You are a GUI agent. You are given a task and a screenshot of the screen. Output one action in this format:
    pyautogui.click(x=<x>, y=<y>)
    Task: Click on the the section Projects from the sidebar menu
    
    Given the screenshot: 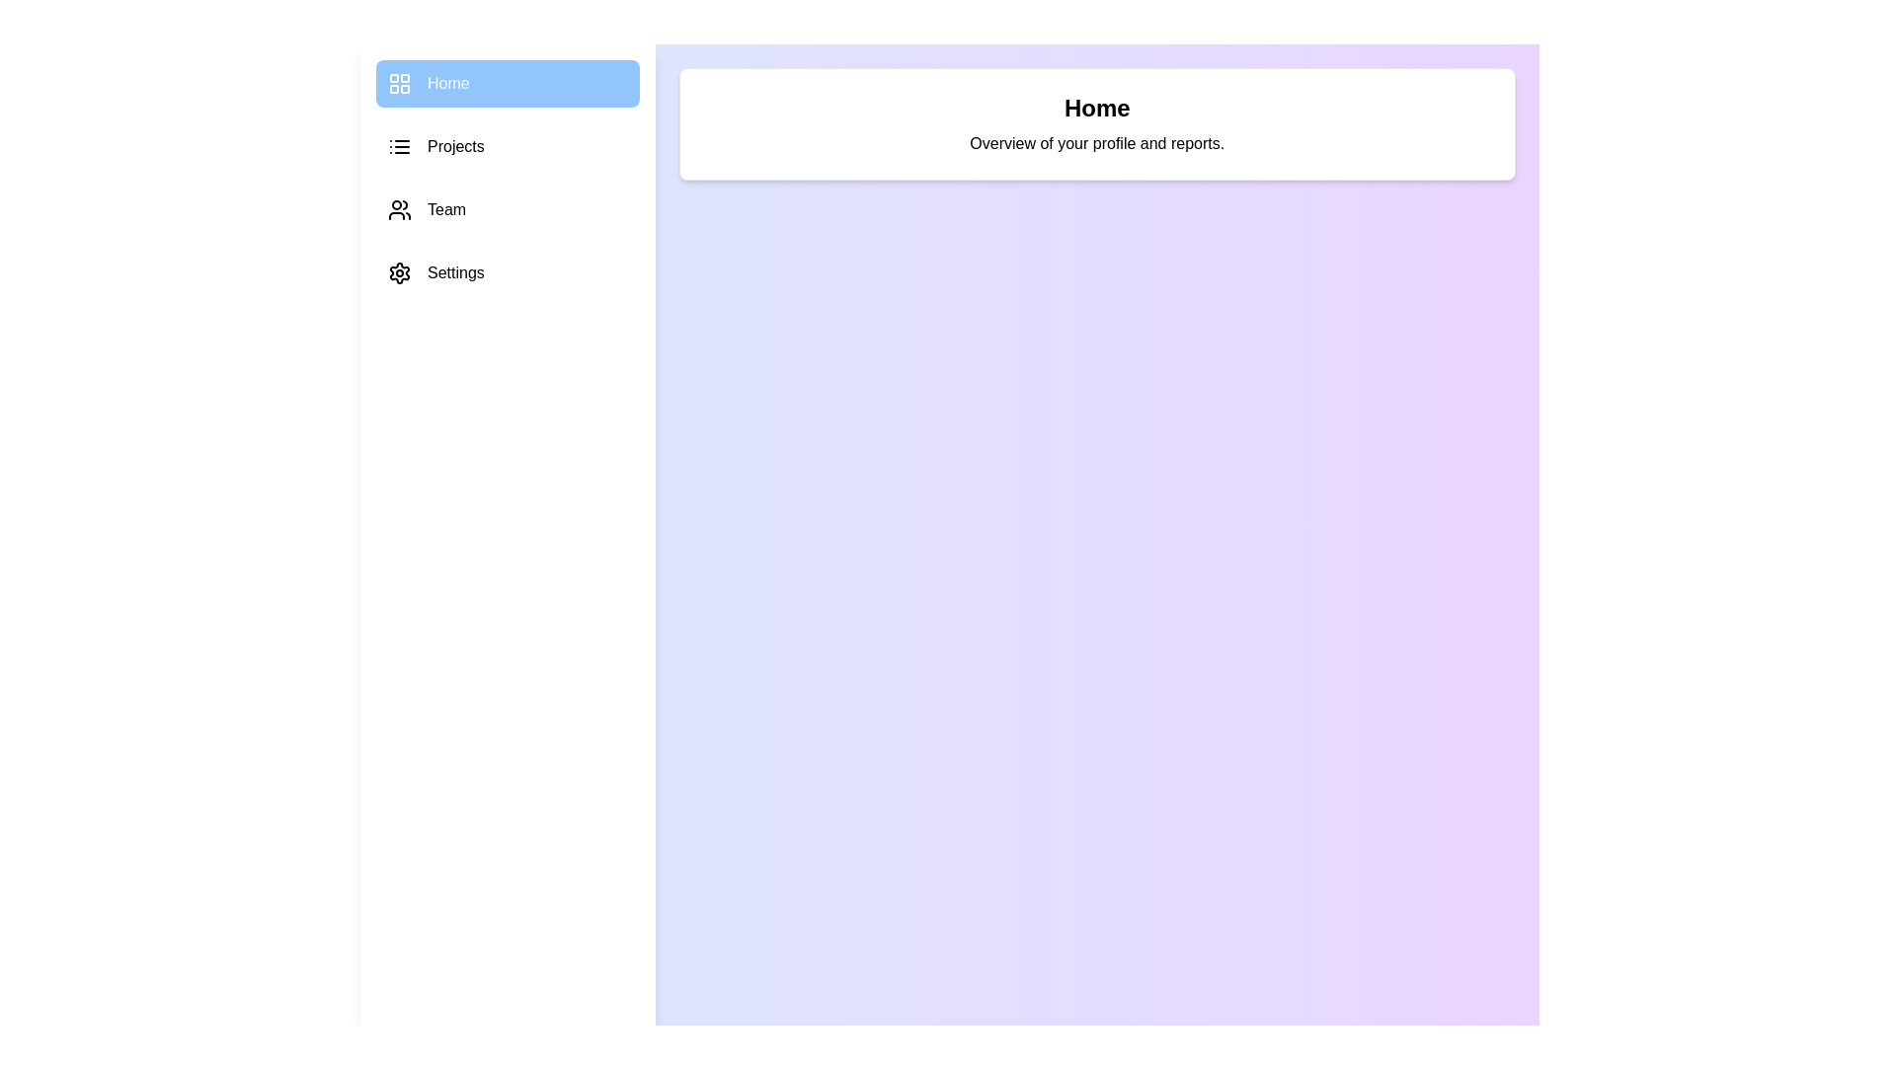 What is the action you would take?
    pyautogui.click(x=508, y=146)
    